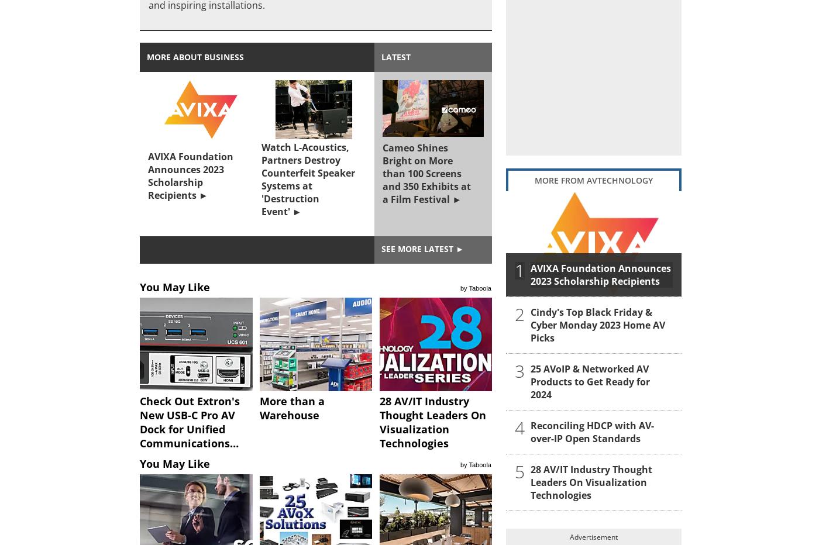 This screenshot has width=819, height=545. Describe the element at coordinates (307, 180) in the screenshot. I see `'Watch L-Acoustics, Partners Destroy Counterfeit Speaker Systems at 'Destruction Event''` at that location.